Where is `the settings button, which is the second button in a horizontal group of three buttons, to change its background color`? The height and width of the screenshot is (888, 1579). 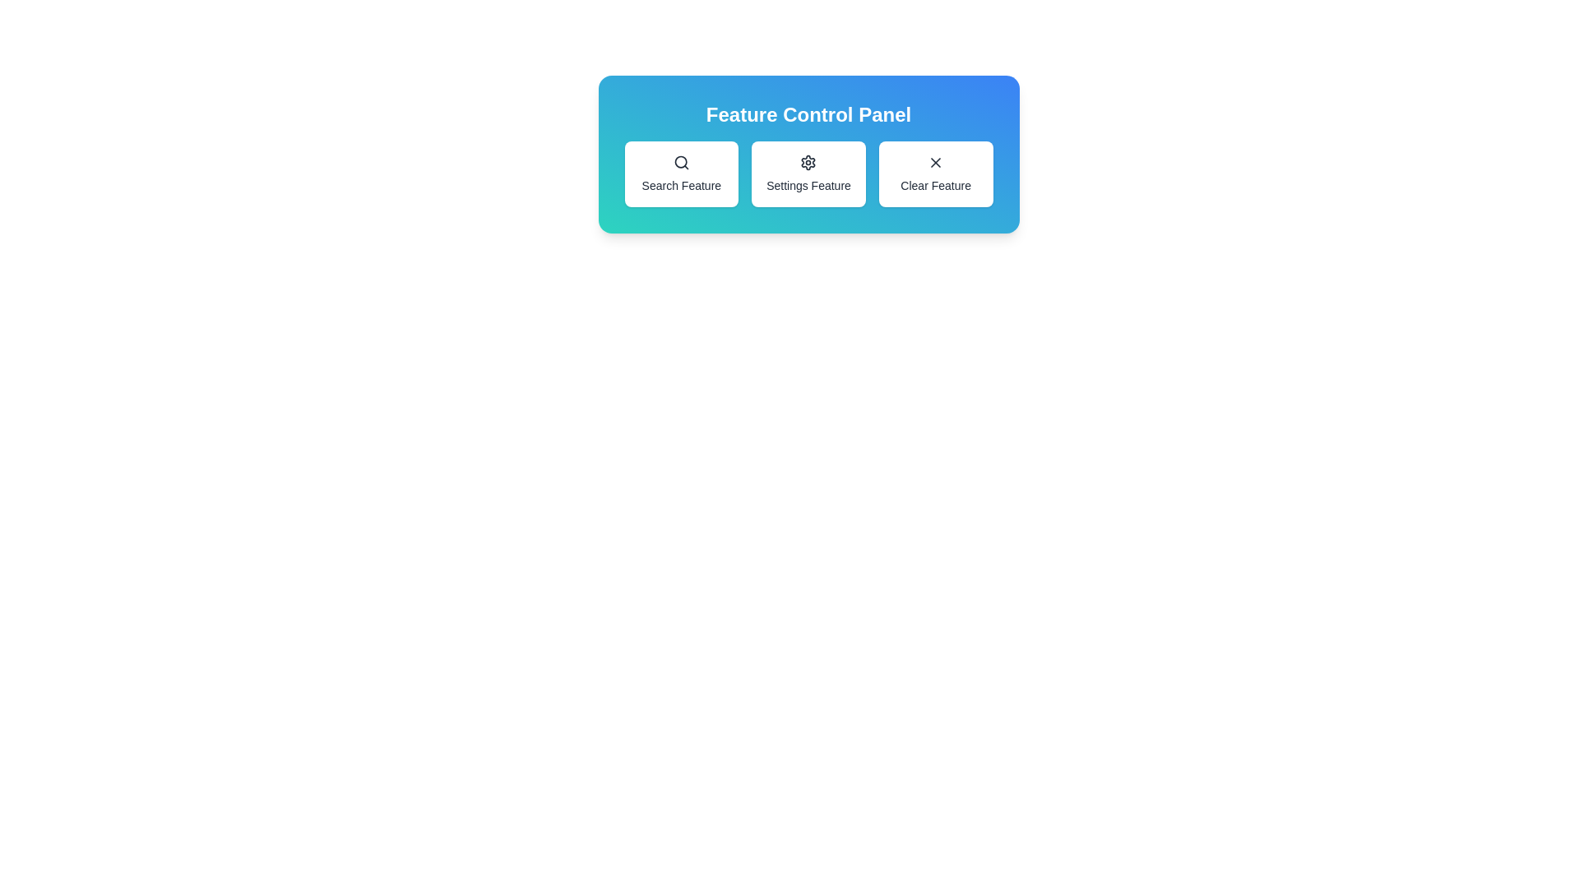 the settings button, which is the second button in a horizontal group of three buttons, to change its background color is located at coordinates (808, 174).